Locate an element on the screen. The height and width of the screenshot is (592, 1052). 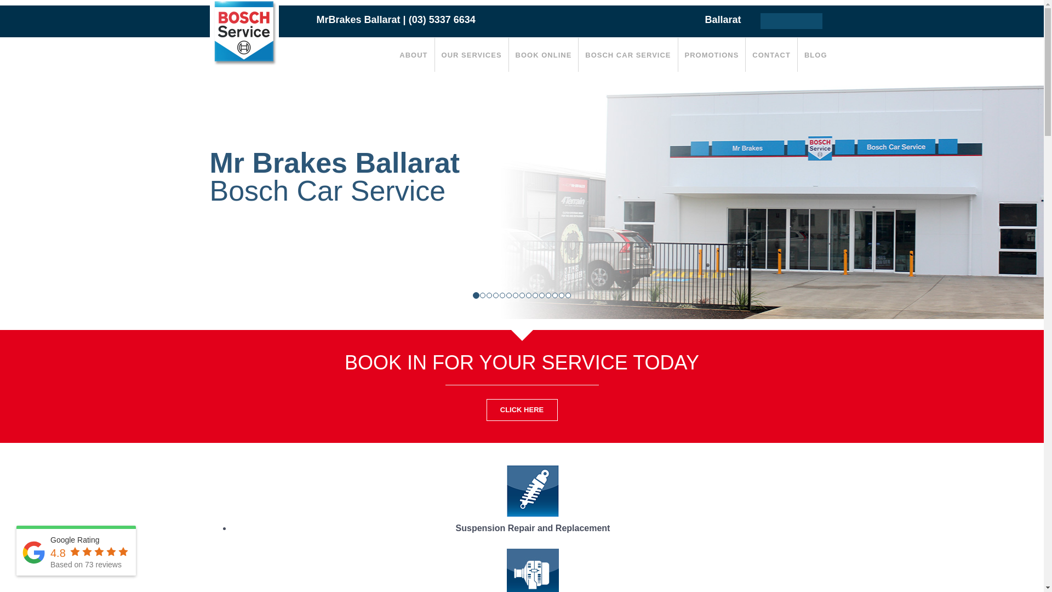
'PROMOTIONS' is located at coordinates (678, 55).